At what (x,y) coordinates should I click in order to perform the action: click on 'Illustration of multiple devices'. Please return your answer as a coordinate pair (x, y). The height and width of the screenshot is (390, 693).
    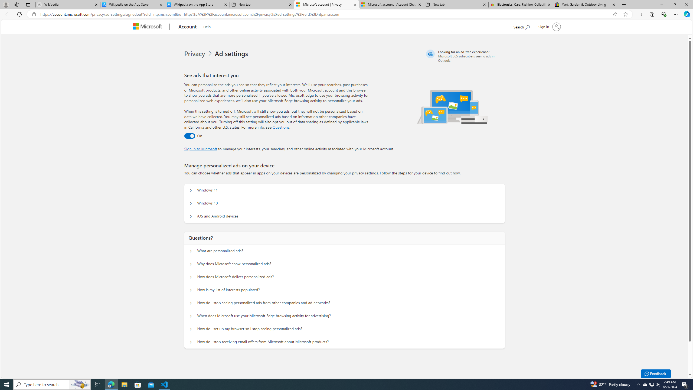
    Looking at the image, I should click on (452, 107).